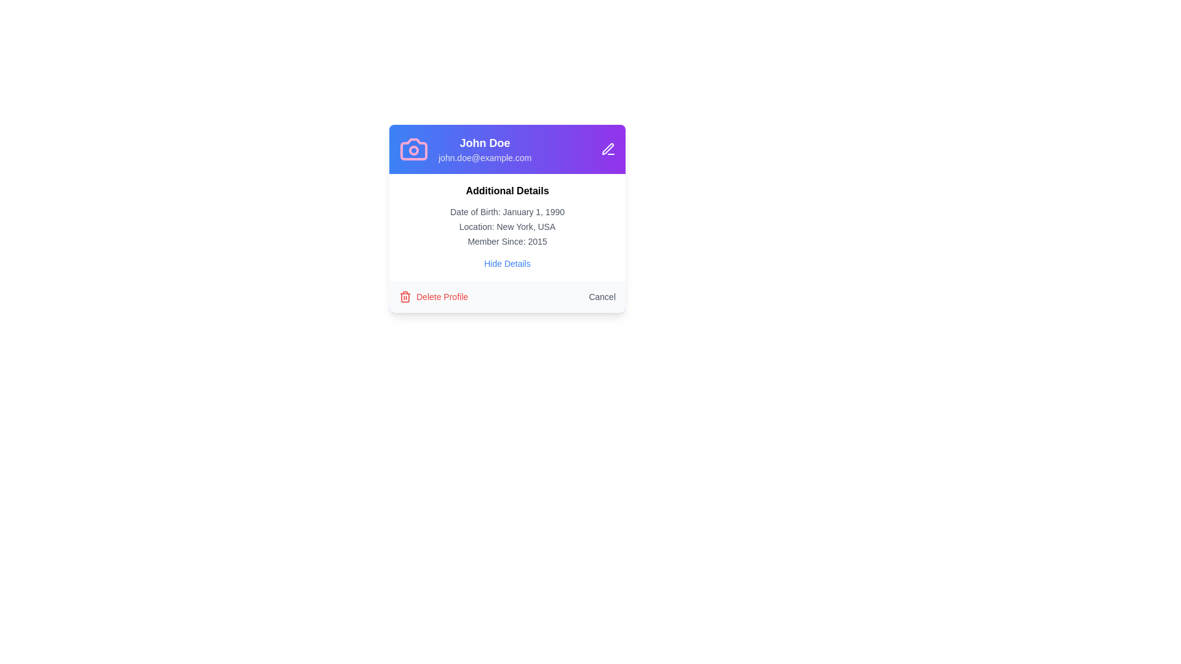  I want to click on the user identification display element that shows the user's name and email address, located near the top-left corner of the dialog box, to the right of the camera icon, so click(484, 149).